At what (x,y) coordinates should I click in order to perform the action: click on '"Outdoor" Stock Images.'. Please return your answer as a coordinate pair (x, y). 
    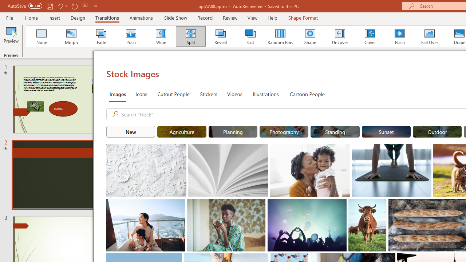
    Looking at the image, I should click on (437, 132).